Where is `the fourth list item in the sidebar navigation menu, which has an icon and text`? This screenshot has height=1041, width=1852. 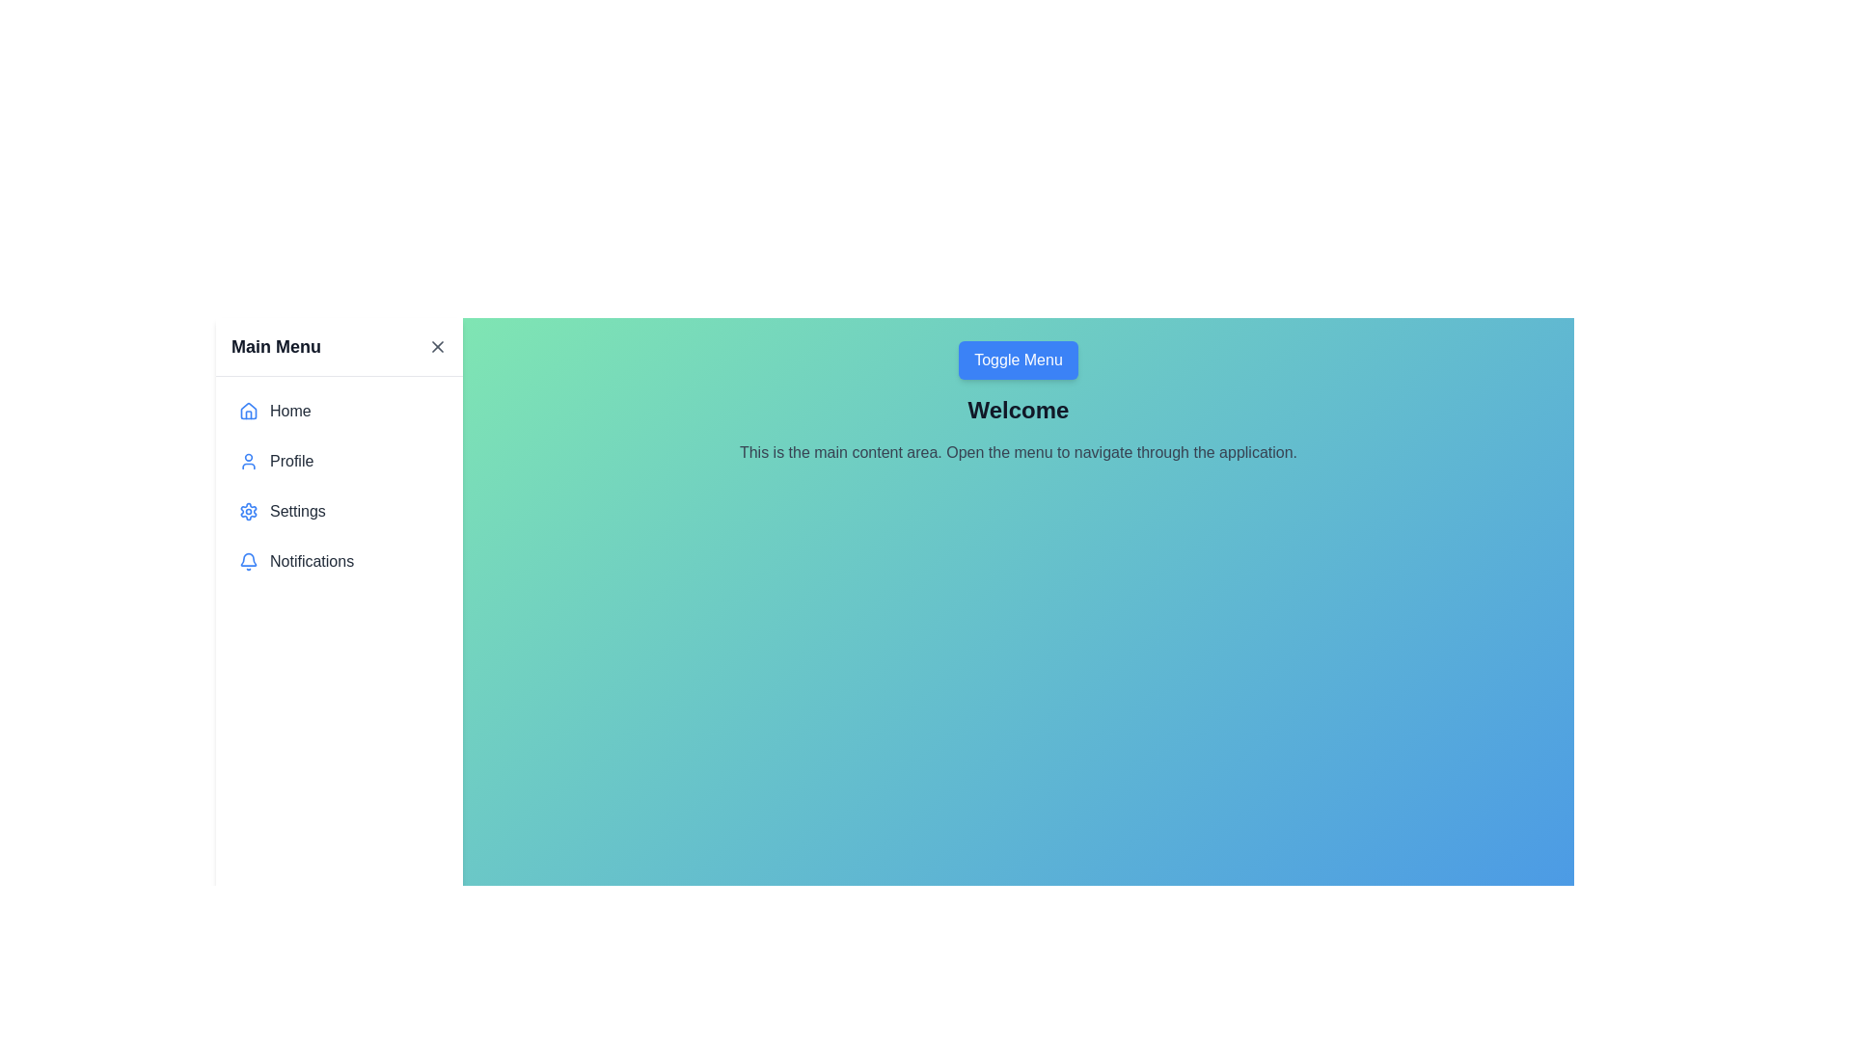
the fourth list item in the sidebar navigation menu, which has an icon and text is located at coordinates (339, 561).